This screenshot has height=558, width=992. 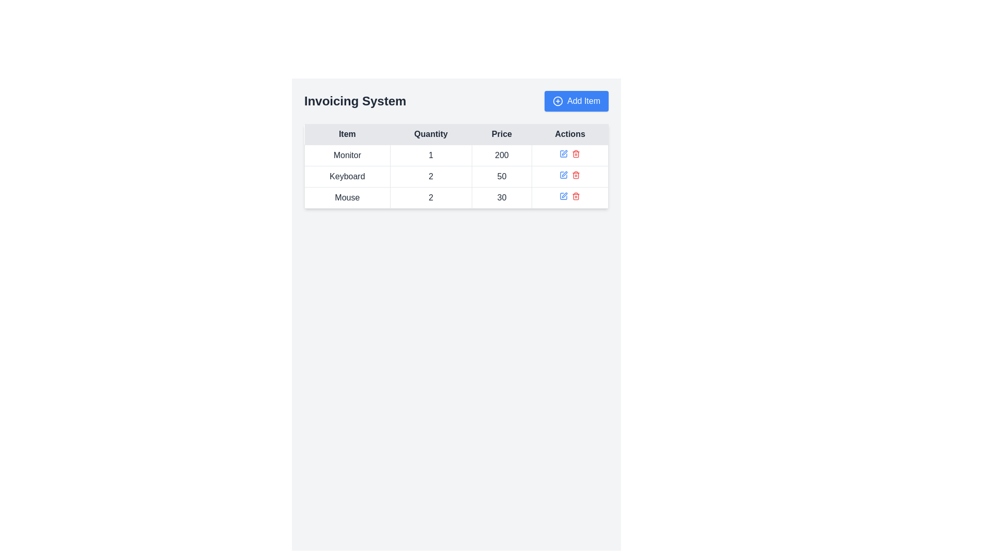 I want to click on the Table Cell containing the text 'Monitor' in the 'Item' column of the Invoicing System to potentially reveal additional information, so click(x=347, y=155).